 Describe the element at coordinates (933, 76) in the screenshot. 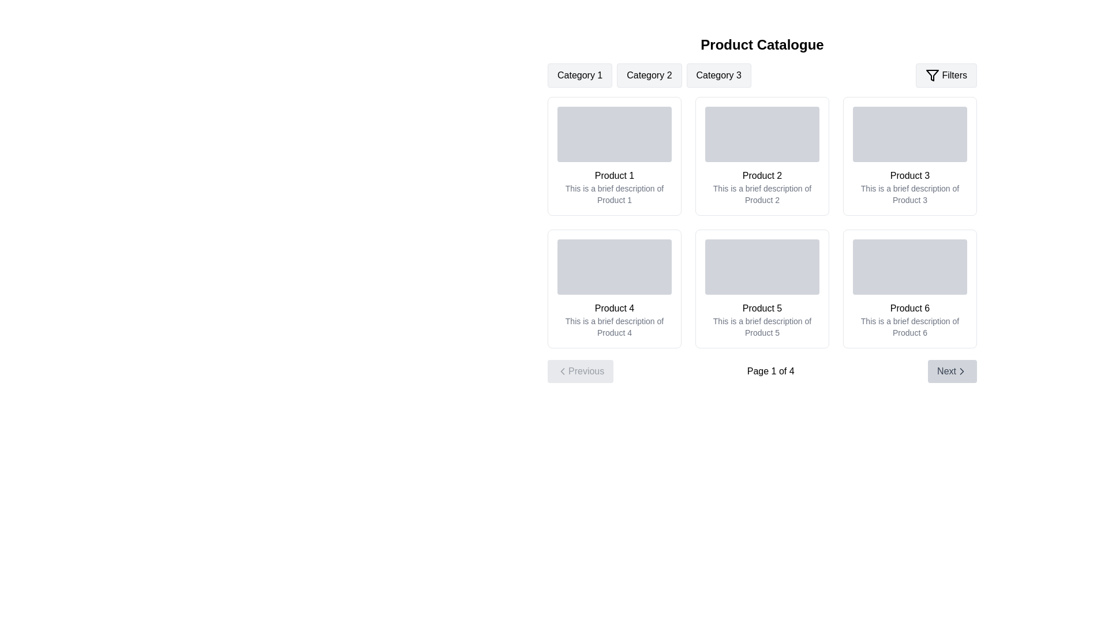

I see `the filter icon within the 'Filters' button located in the top-right corner to observe a tooltip or highlight` at that location.